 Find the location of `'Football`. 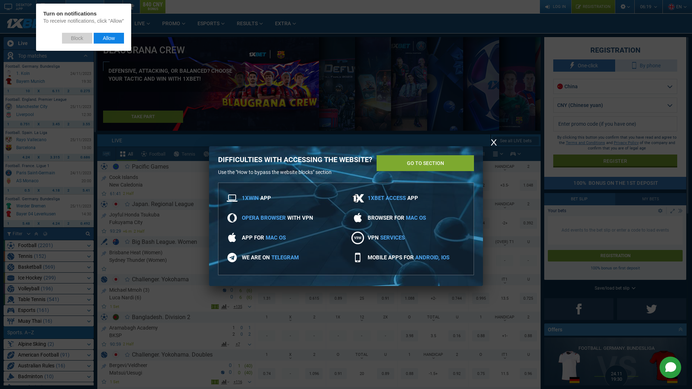

'Football is located at coordinates (48, 245).